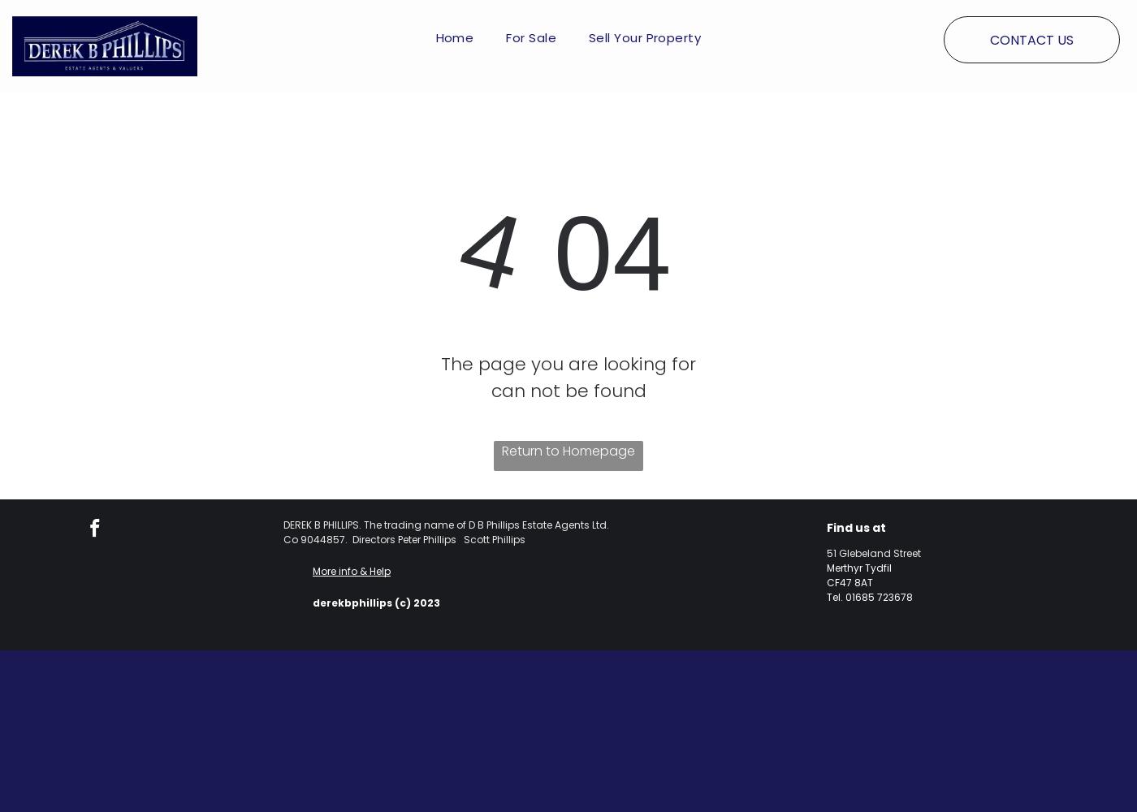 The image size is (1137, 812). What do you see at coordinates (825, 581) in the screenshot?
I see `'CF47 8AT'` at bounding box center [825, 581].